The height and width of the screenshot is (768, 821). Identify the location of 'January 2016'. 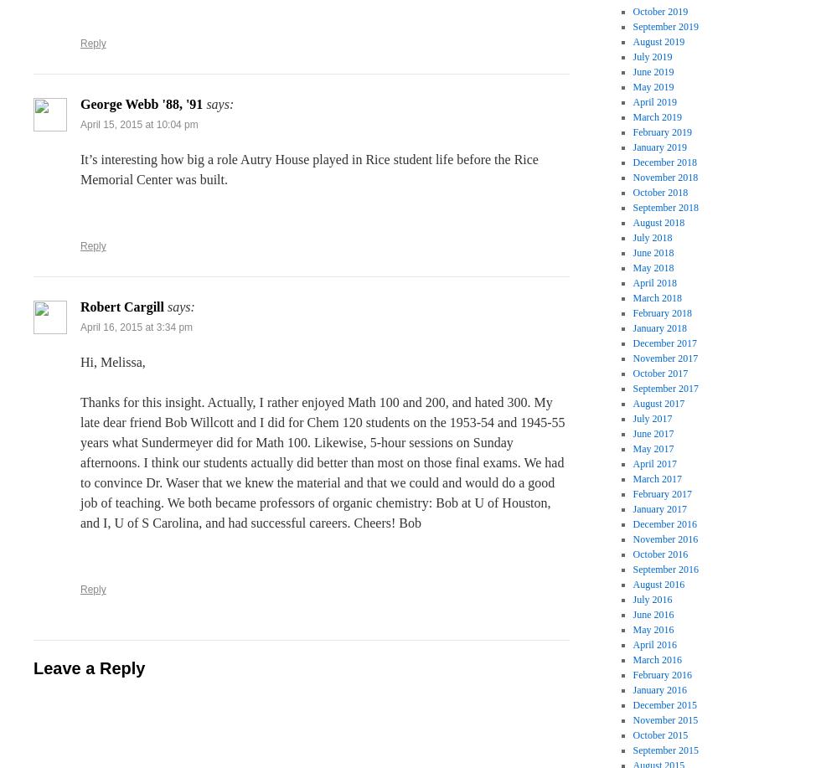
(659, 690).